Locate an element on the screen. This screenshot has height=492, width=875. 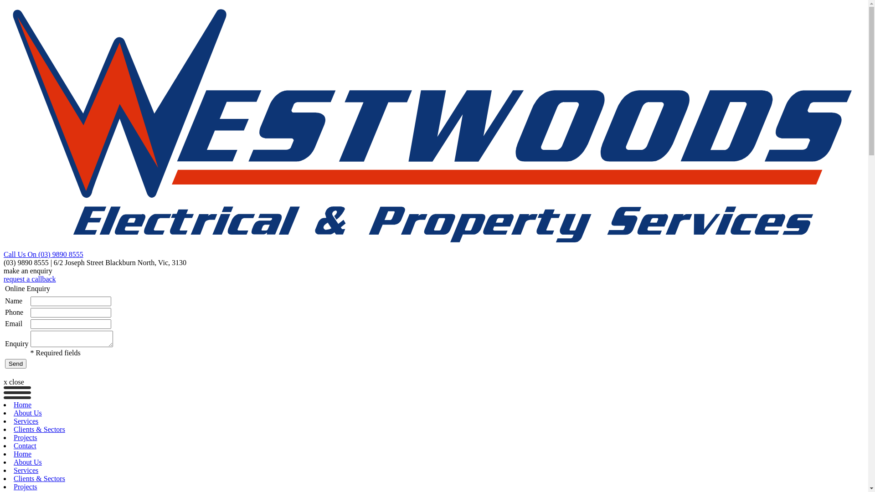
'Send' is located at coordinates (15, 363).